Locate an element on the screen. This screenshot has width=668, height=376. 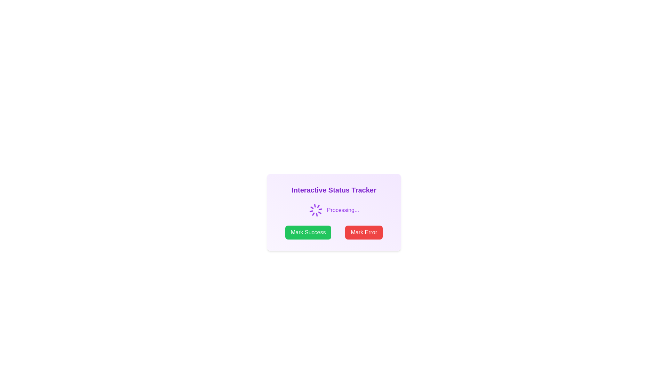
the Animated status indicator with the spinner icon and the text 'Processing...' located below the title 'Interactive Status Tracker' is located at coordinates (334, 210).